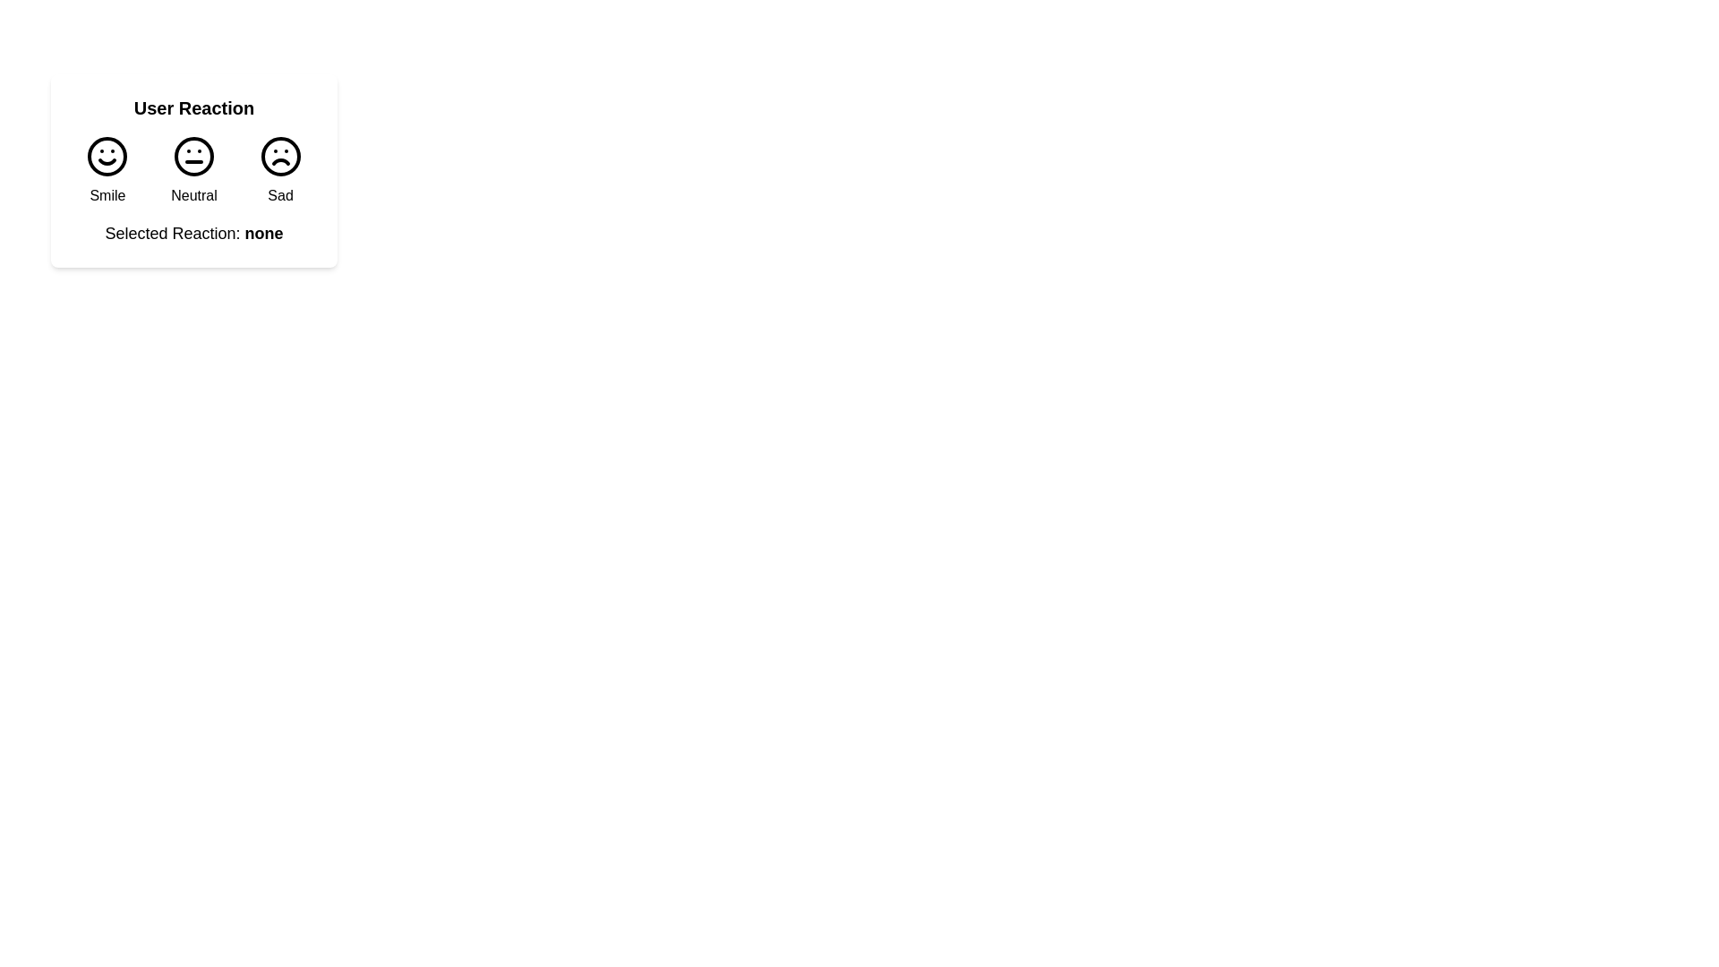  Describe the element at coordinates (107, 171) in the screenshot. I see `the 'Smile' reaction button using keyboard navigation` at that location.